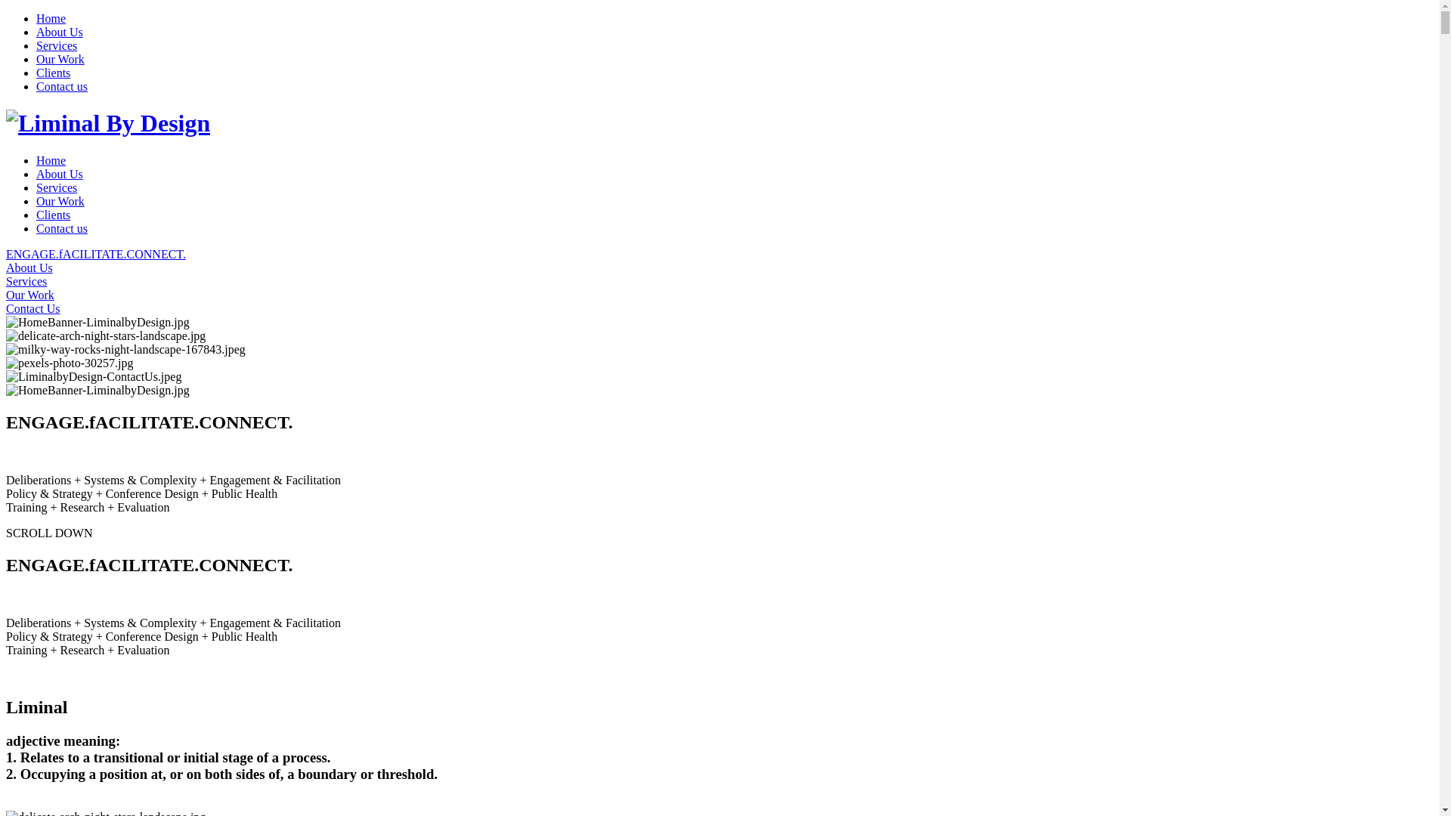 Image resolution: width=1451 pixels, height=816 pixels. I want to click on 'Our Work', so click(6, 295).